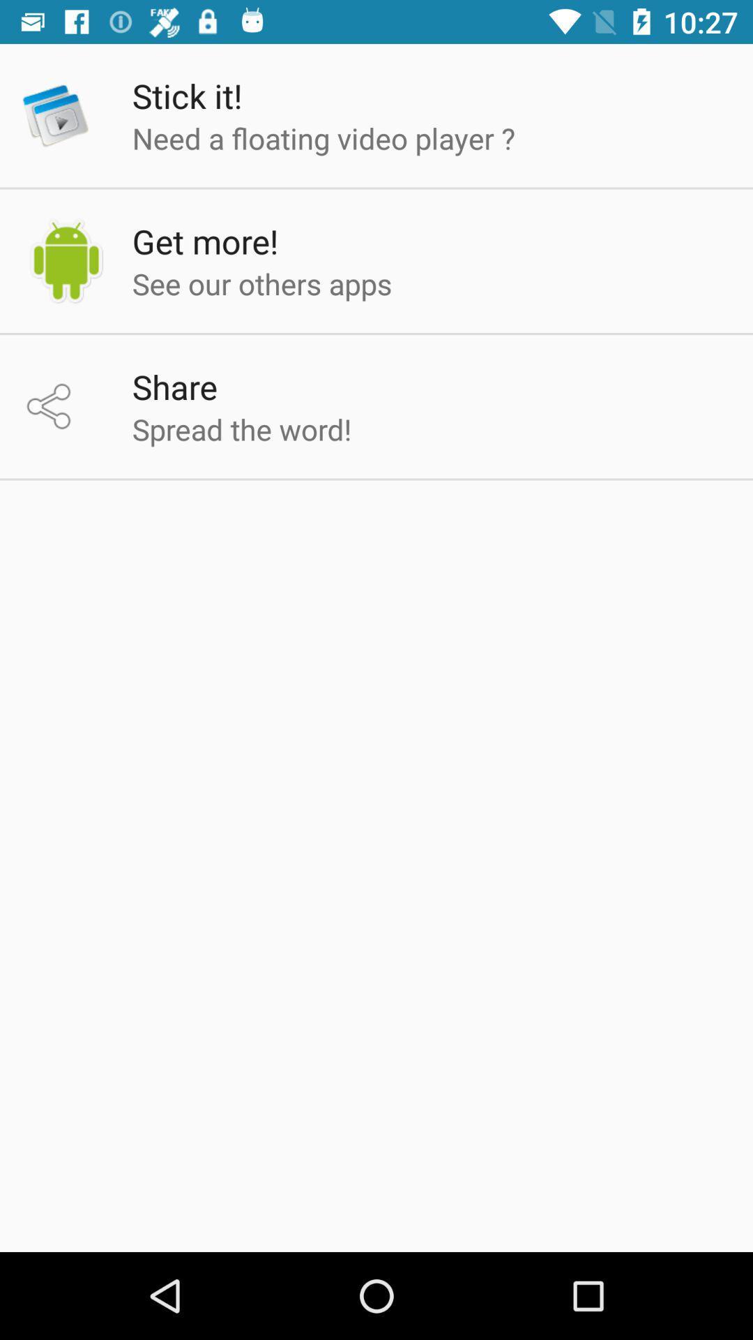 The image size is (753, 1340). I want to click on the icon above the see our others icon, so click(205, 241).